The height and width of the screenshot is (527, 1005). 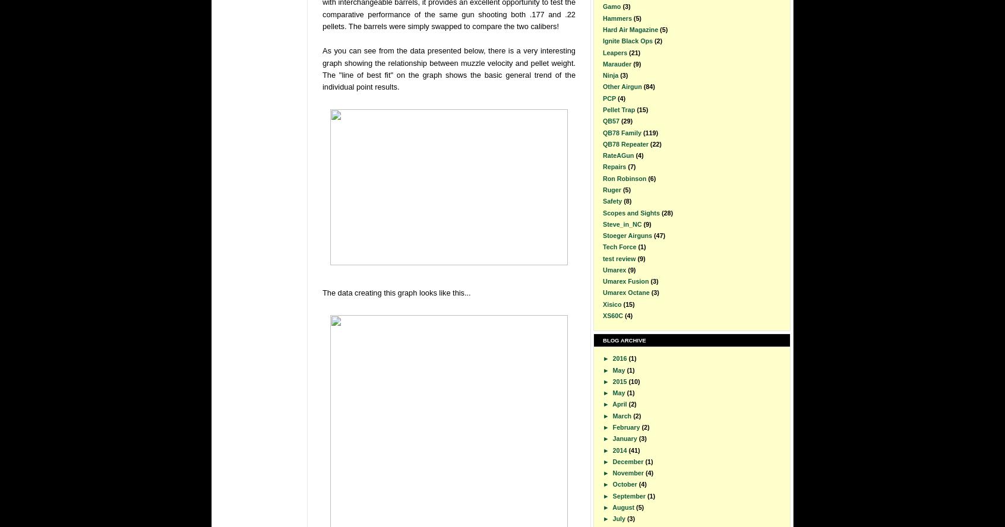 What do you see at coordinates (627, 201) in the screenshot?
I see `'(8)'` at bounding box center [627, 201].